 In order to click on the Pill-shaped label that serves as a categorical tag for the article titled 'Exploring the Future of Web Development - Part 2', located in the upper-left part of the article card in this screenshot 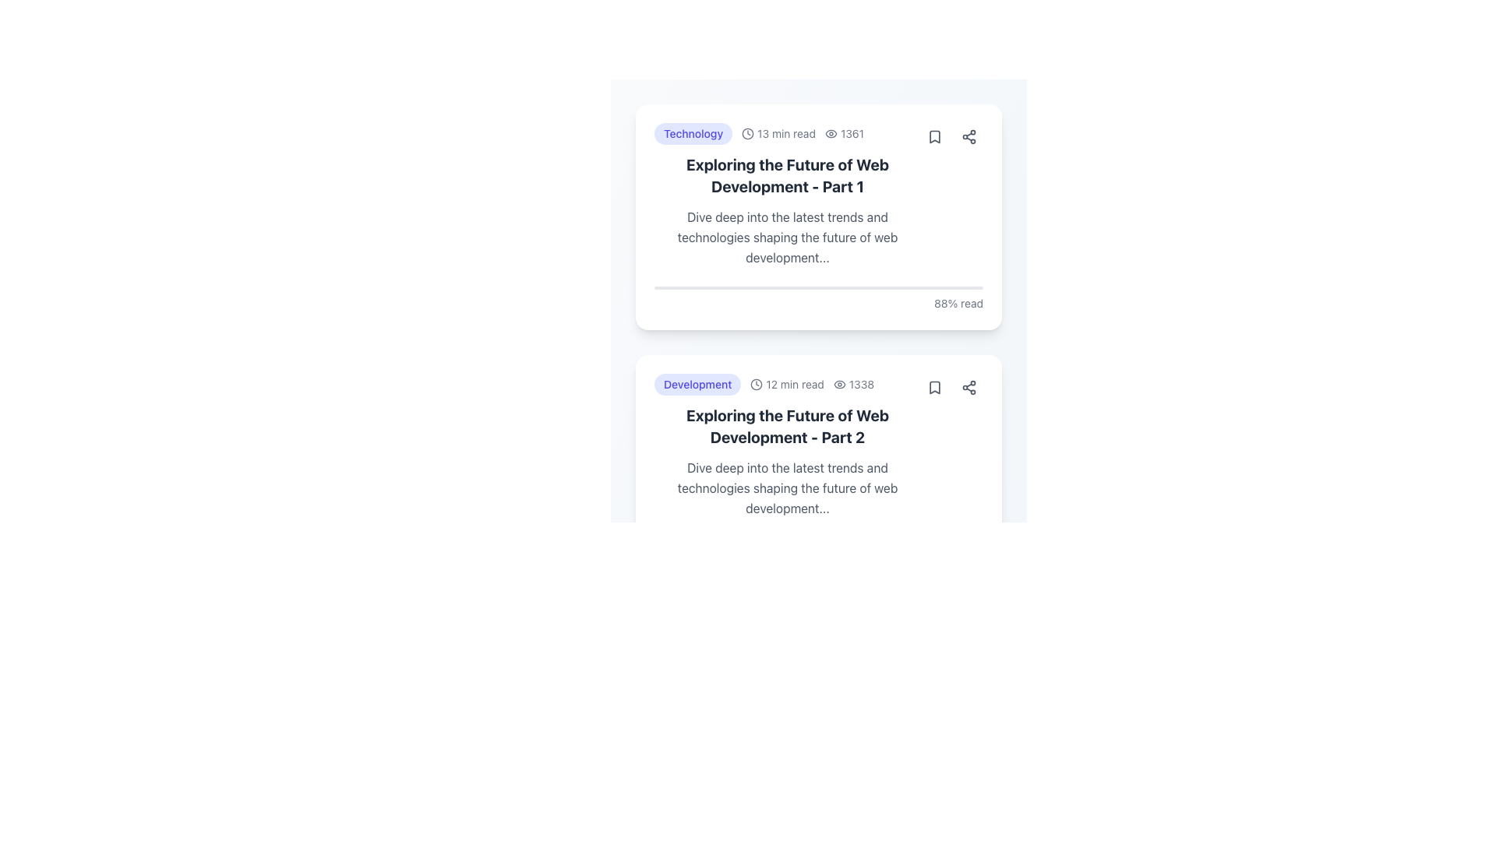, I will do `click(697, 384)`.